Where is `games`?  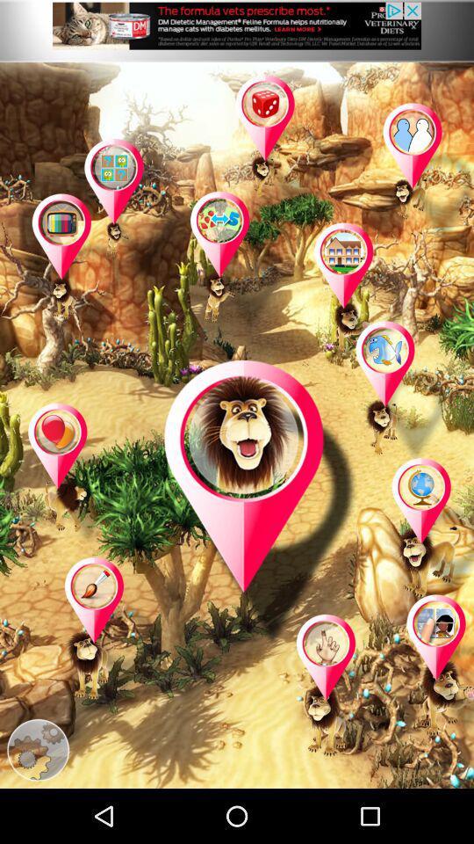 games is located at coordinates (423, 175).